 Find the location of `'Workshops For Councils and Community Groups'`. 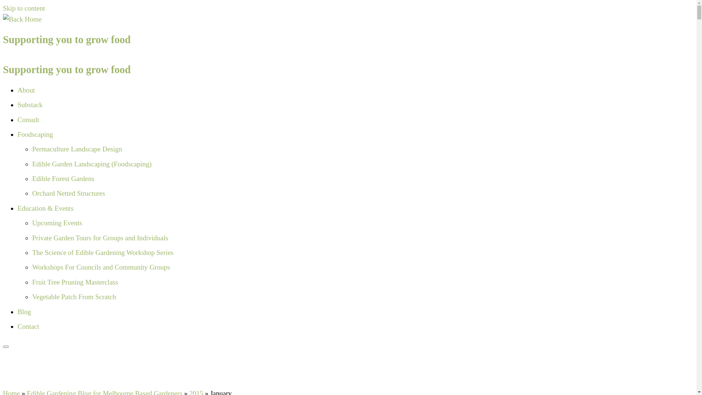

'Workshops For Councils and Community Groups' is located at coordinates (101, 267).